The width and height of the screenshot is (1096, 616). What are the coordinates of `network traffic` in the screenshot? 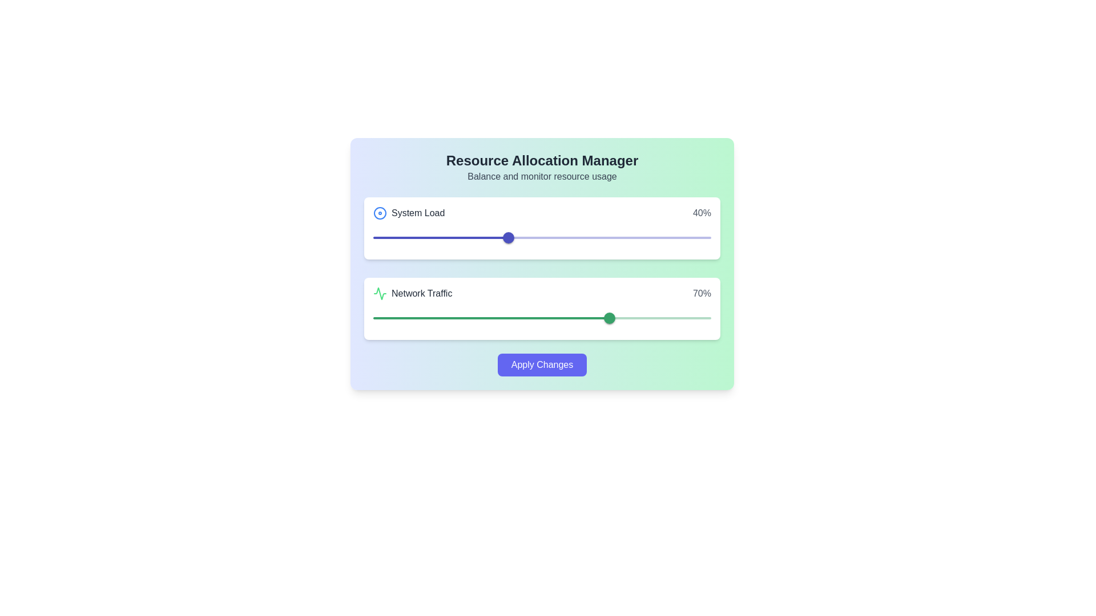 It's located at (450, 318).